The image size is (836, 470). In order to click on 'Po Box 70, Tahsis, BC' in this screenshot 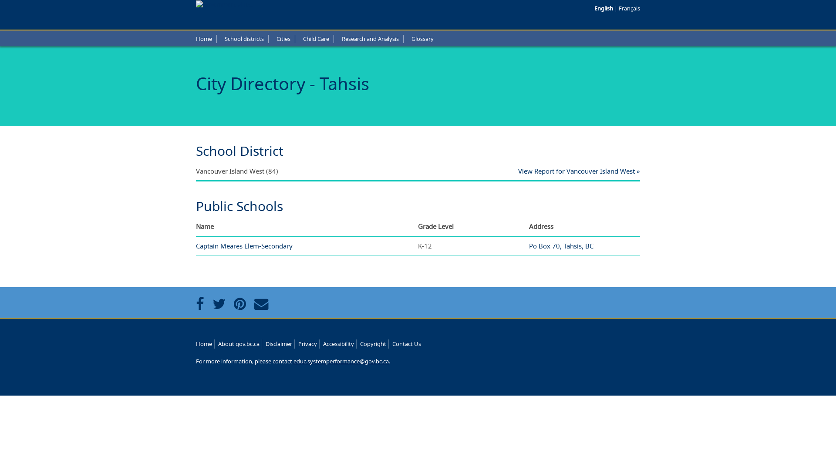, I will do `click(561, 245)`.